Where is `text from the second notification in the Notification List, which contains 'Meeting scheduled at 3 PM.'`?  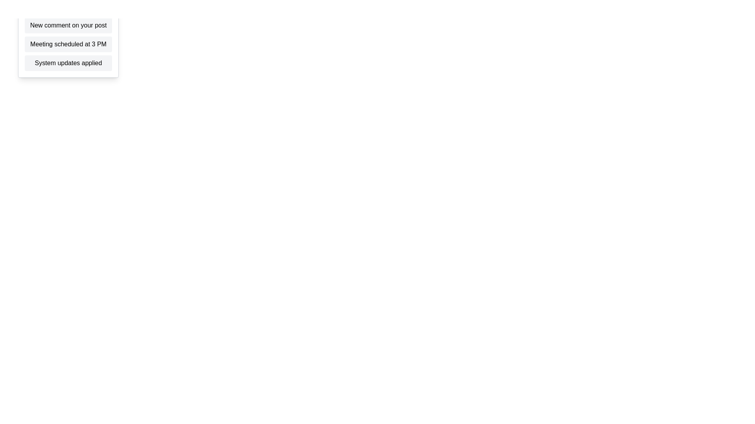
text from the second notification in the Notification List, which contains 'Meeting scheduled at 3 PM.' is located at coordinates (68, 44).